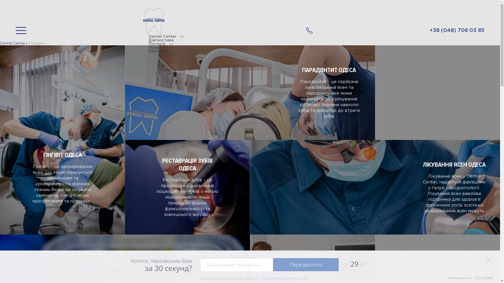  What do you see at coordinates (457, 30) in the screenshot?
I see `'+38 (048) 708 03 85'` at bounding box center [457, 30].